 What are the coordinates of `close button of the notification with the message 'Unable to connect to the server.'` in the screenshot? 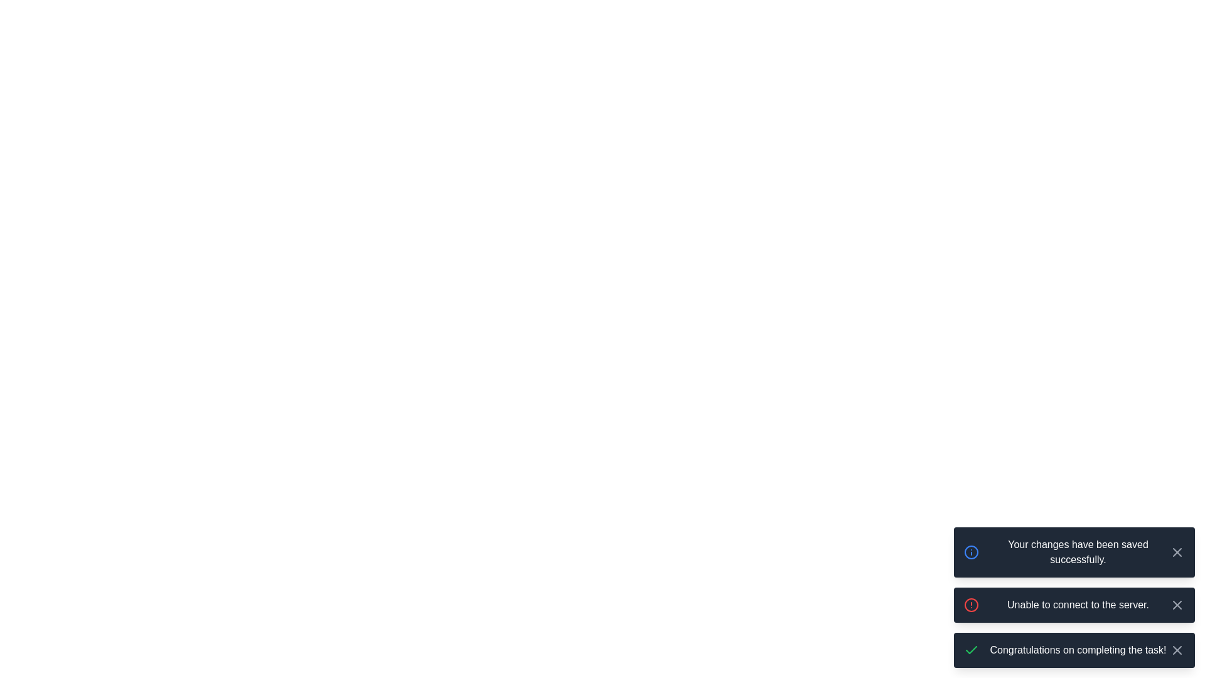 It's located at (1177, 605).